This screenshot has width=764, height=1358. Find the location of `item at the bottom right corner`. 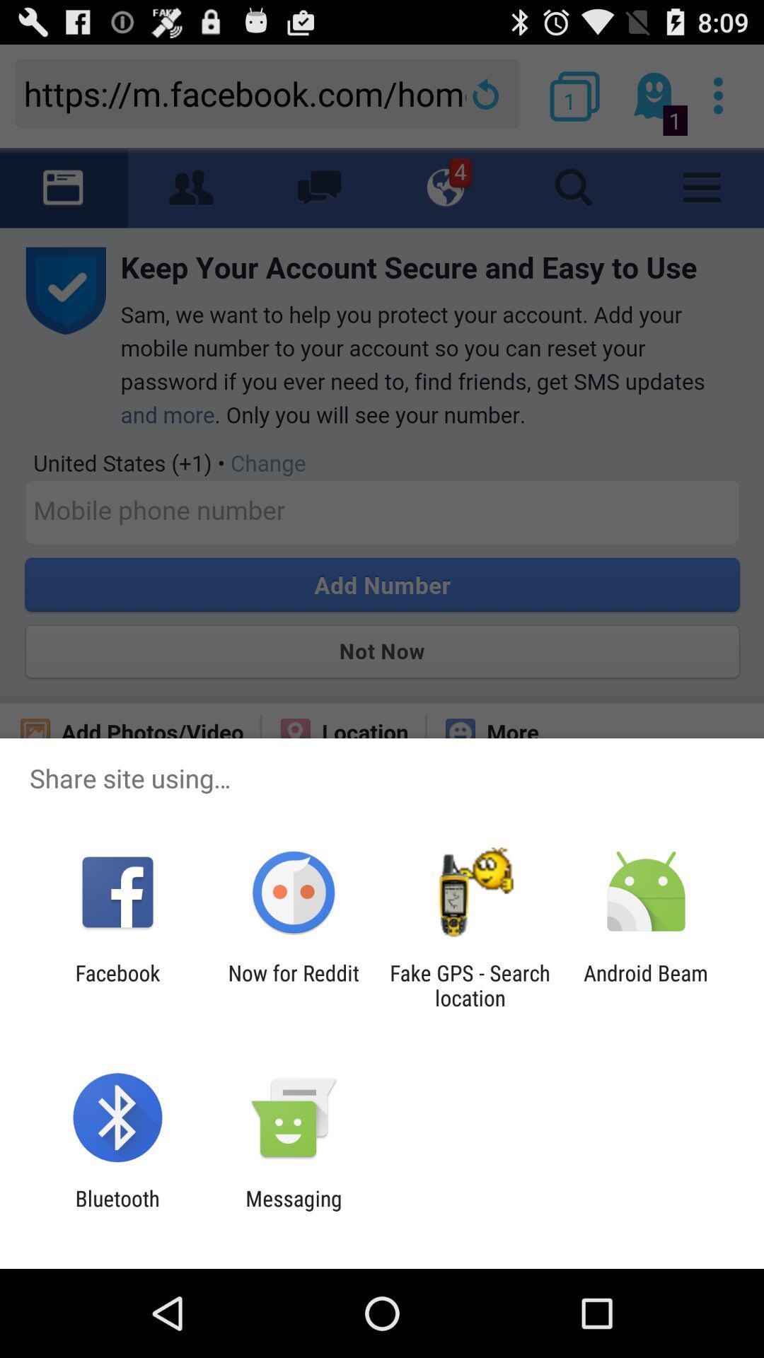

item at the bottom right corner is located at coordinates (646, 985).